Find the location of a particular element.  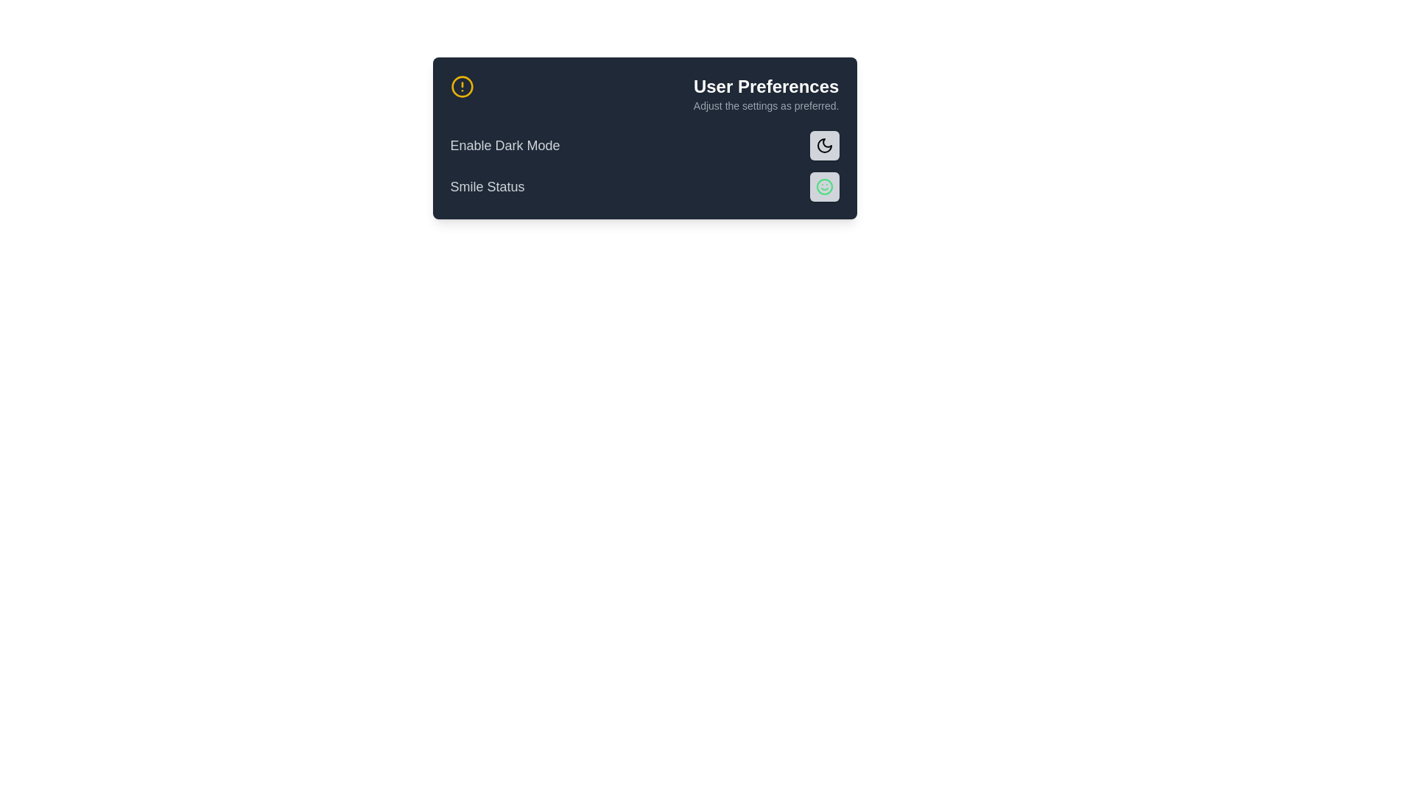

the dark mode toggle icon located in the top-right section of the modal is located at coordinates (823, 145).